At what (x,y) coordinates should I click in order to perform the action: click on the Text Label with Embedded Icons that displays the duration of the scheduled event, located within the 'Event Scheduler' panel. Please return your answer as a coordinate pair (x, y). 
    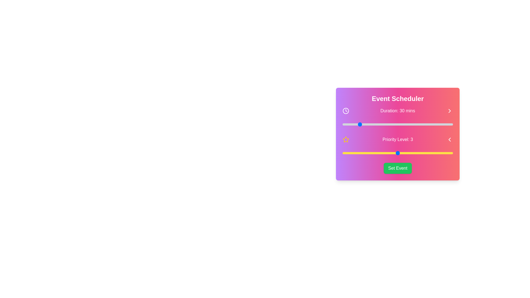
    Looking at the image, I should click on (397, 111).